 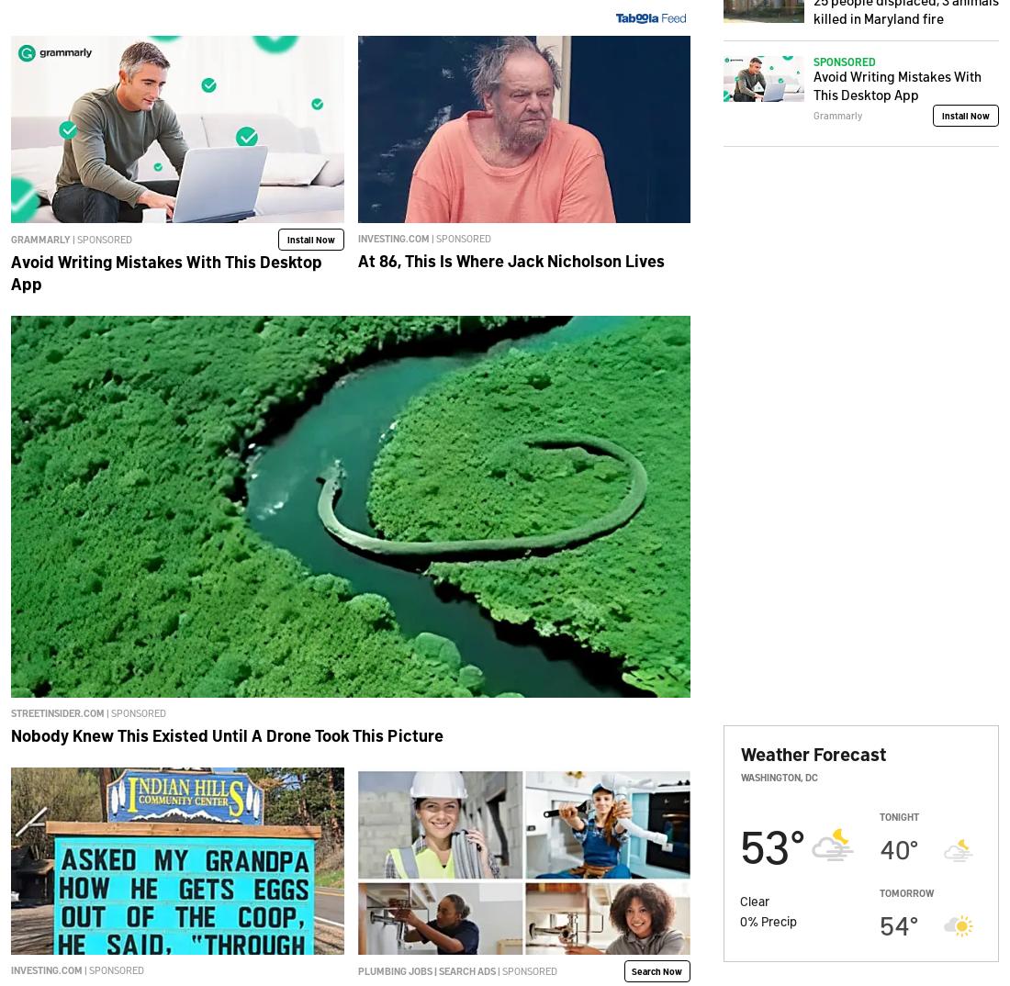 I want to click on 'Tonight', so click(x=898, y=815).